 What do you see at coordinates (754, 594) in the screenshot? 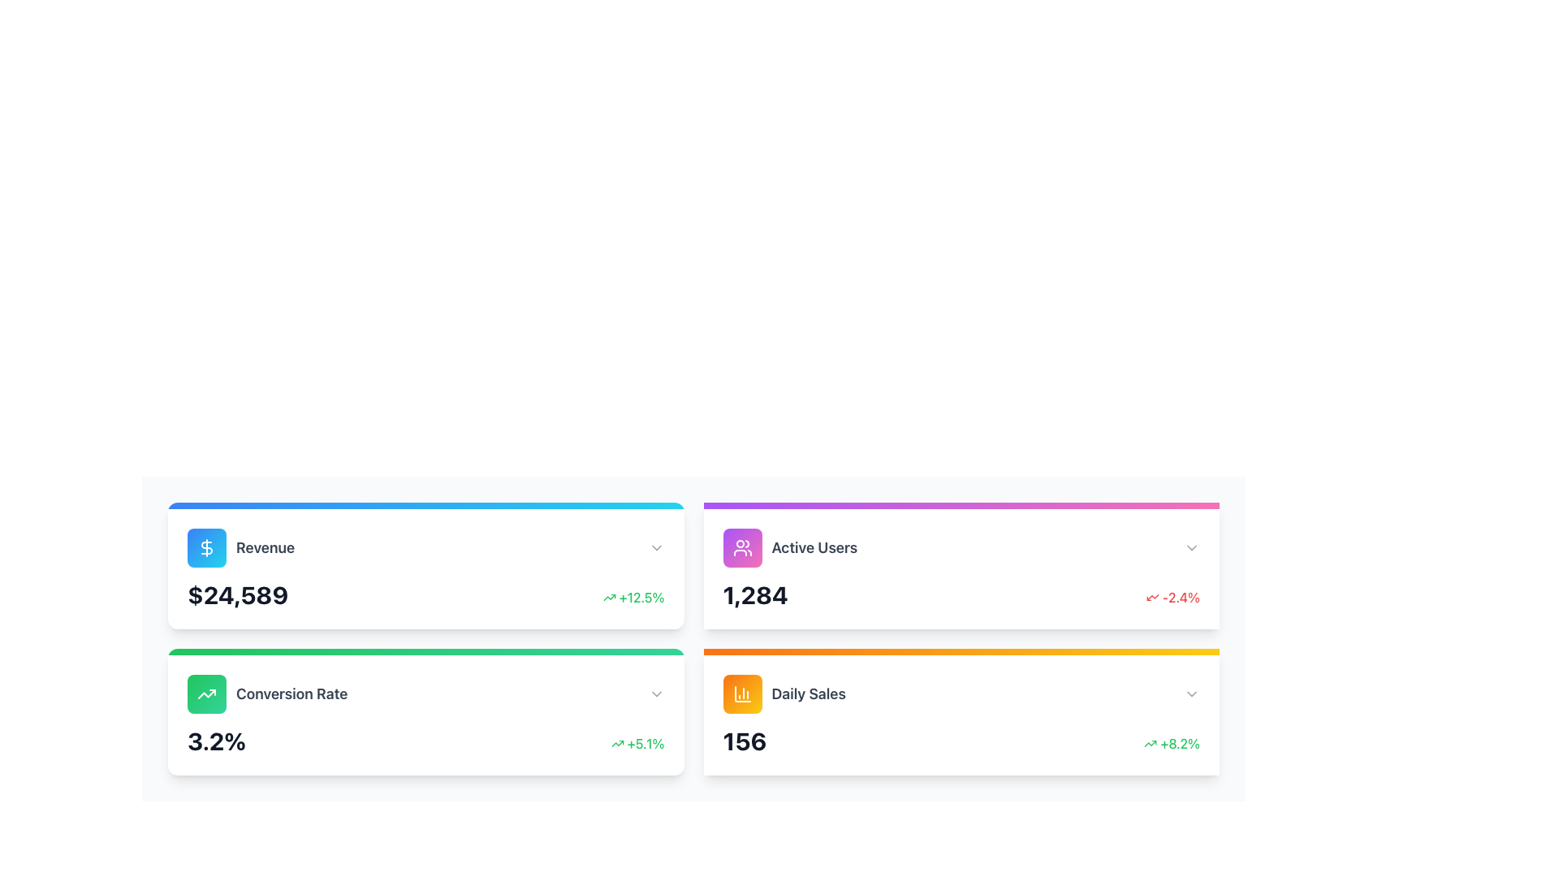
I see `the Text label displaying the value of active users located in the second card on the top row of the dashboard, labeled 'Active Users'` at bounding box center [754, 594].